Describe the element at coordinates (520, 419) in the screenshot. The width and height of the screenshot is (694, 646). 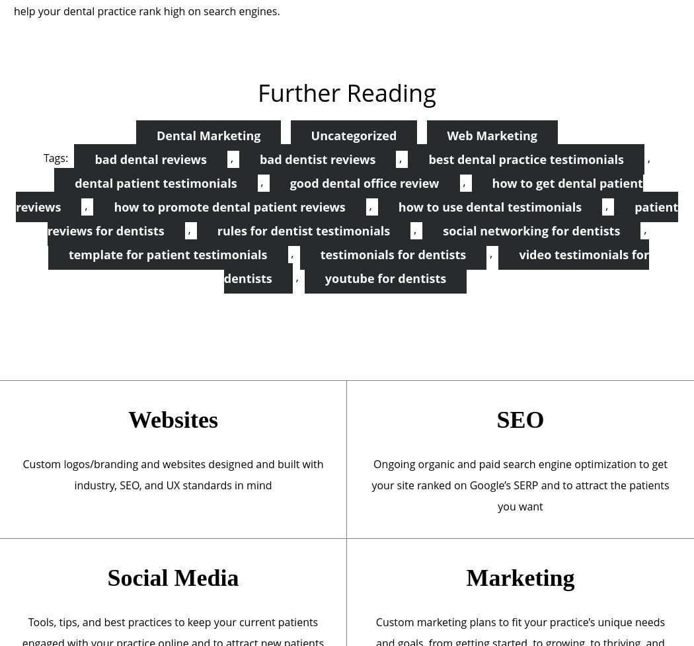
I see `'SEO'` at that location.